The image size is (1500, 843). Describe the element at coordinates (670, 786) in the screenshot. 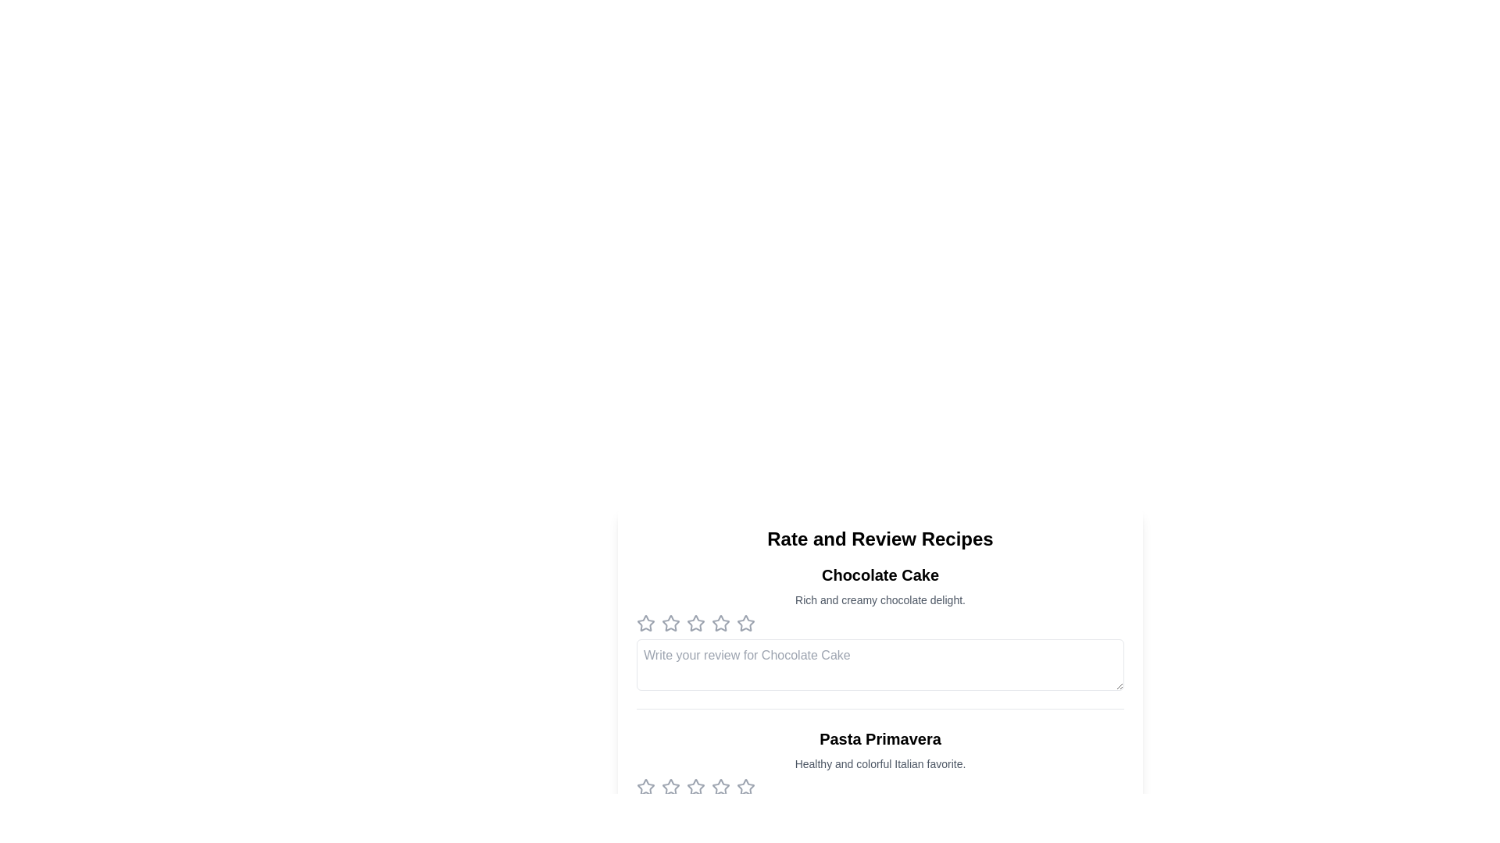

I see `the first star-shaped icon with a gray outline under the 'Pasta Primavera' section in the 'Rate and Review Recipes' interface` at that location.